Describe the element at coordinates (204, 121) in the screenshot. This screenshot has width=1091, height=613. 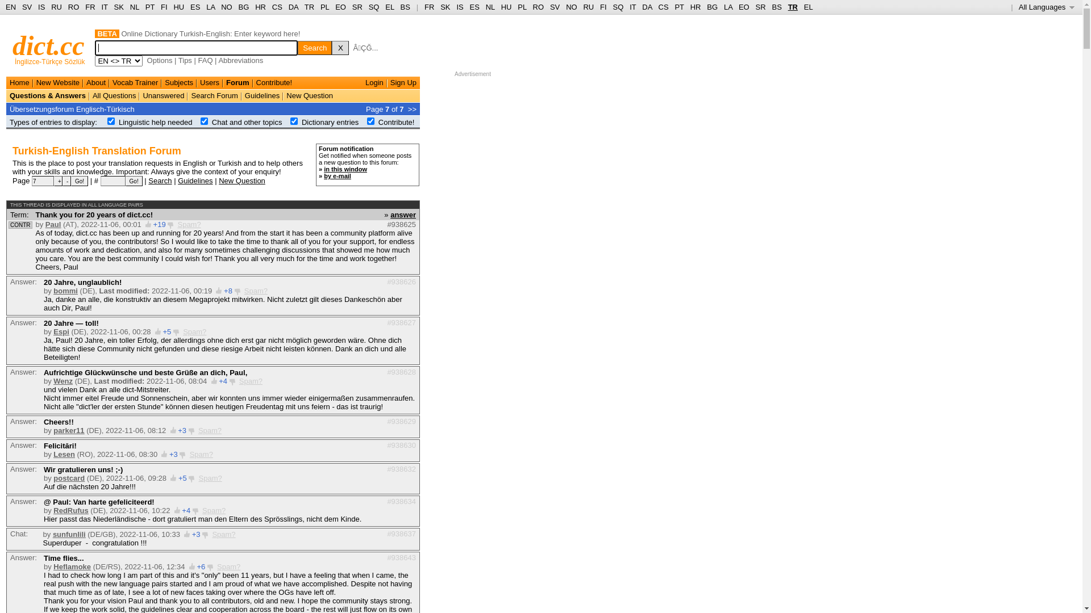
I see `'on'` at that location.